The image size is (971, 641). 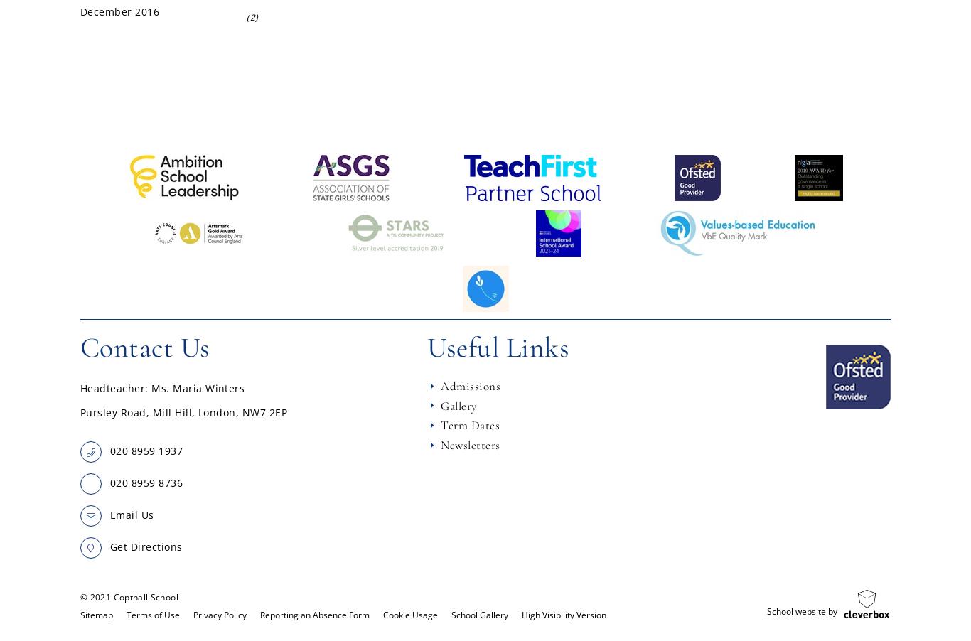 I want to click on '(2)', so click(x=252, y=16).